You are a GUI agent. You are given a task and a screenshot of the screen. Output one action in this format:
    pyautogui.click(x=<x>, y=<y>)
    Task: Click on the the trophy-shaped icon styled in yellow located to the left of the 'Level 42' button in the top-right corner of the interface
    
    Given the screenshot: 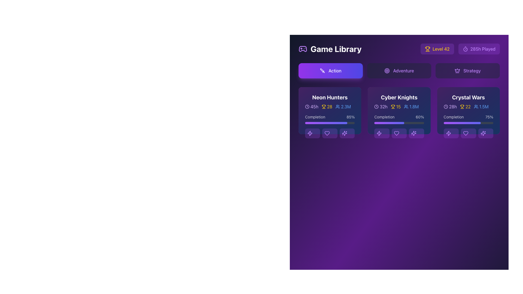 What is the action you would take?
    pyautogui.click(x=427, y=49)
    